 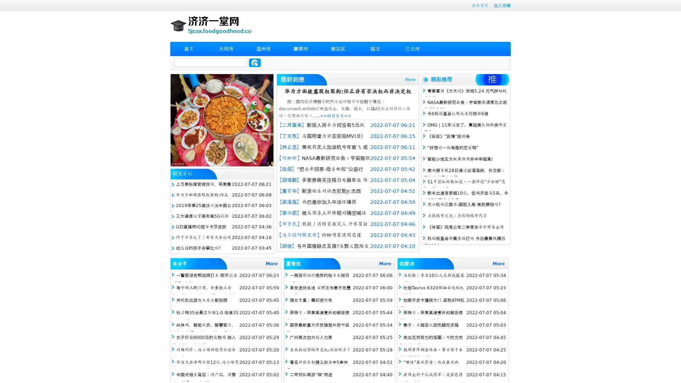 What do you see at coordinates (255, 62) in the screenshot?
I see `Search` at bounding box center [255, 62].